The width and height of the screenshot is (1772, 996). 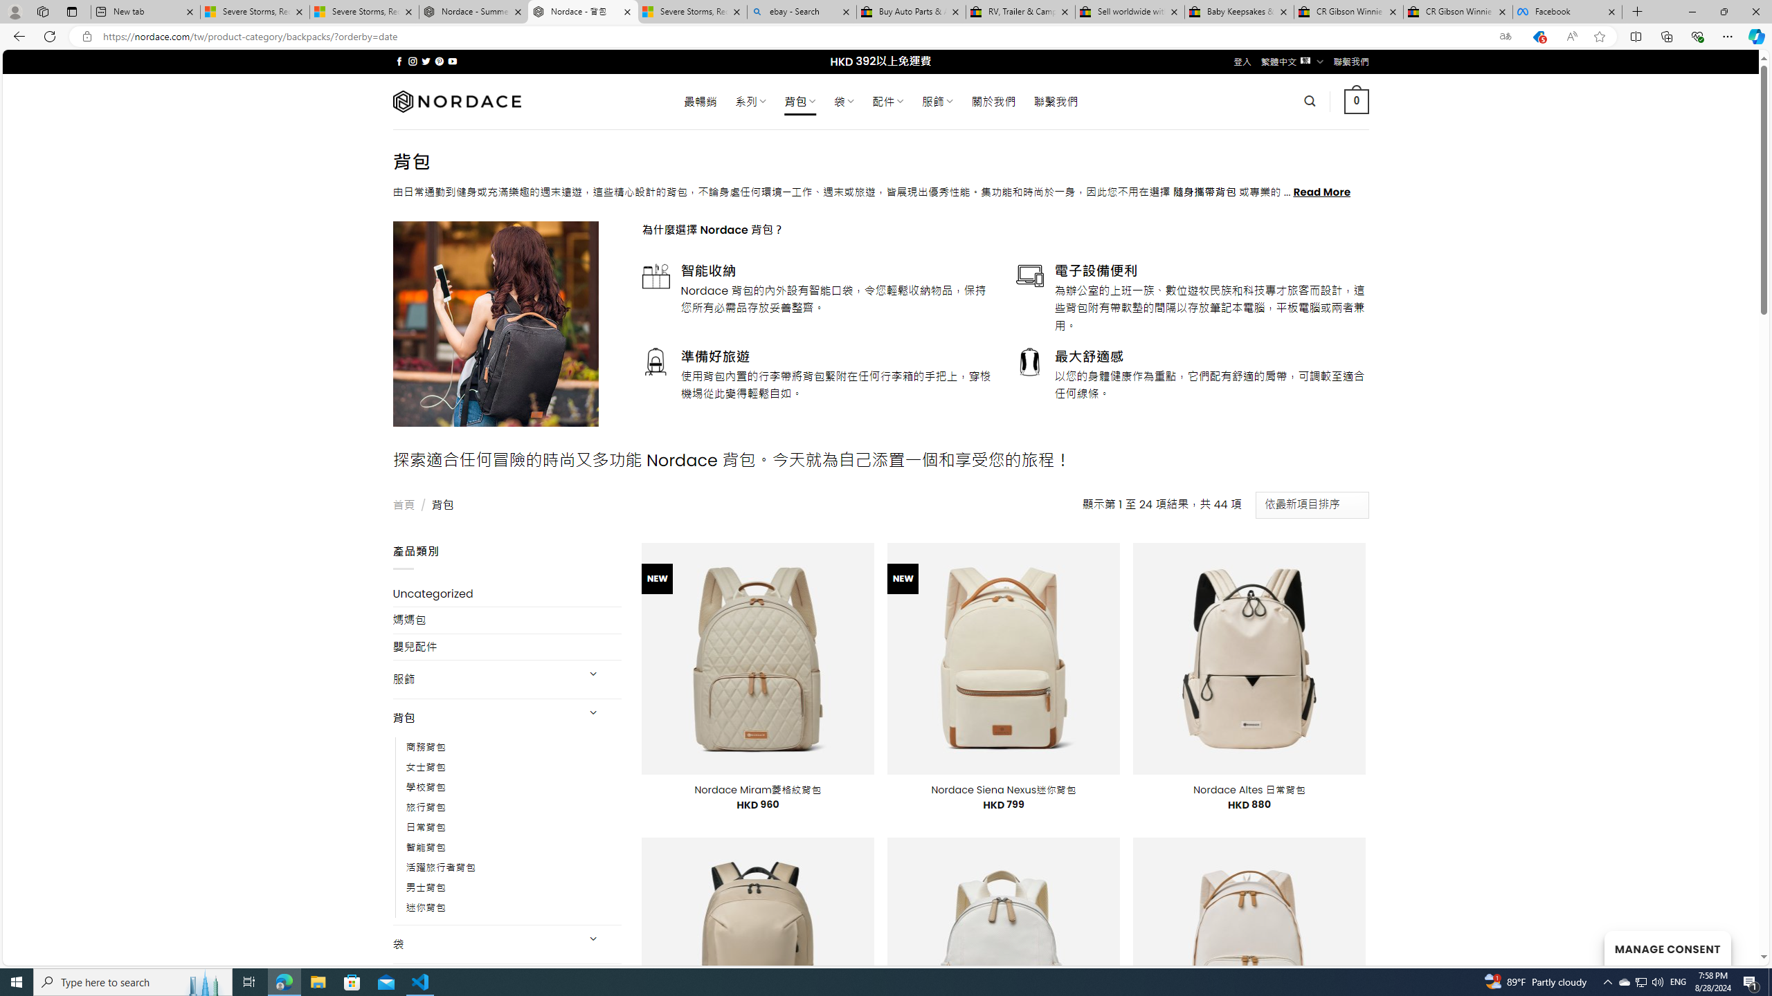 I want to click on 'Close', so click(x=1755, y=11).